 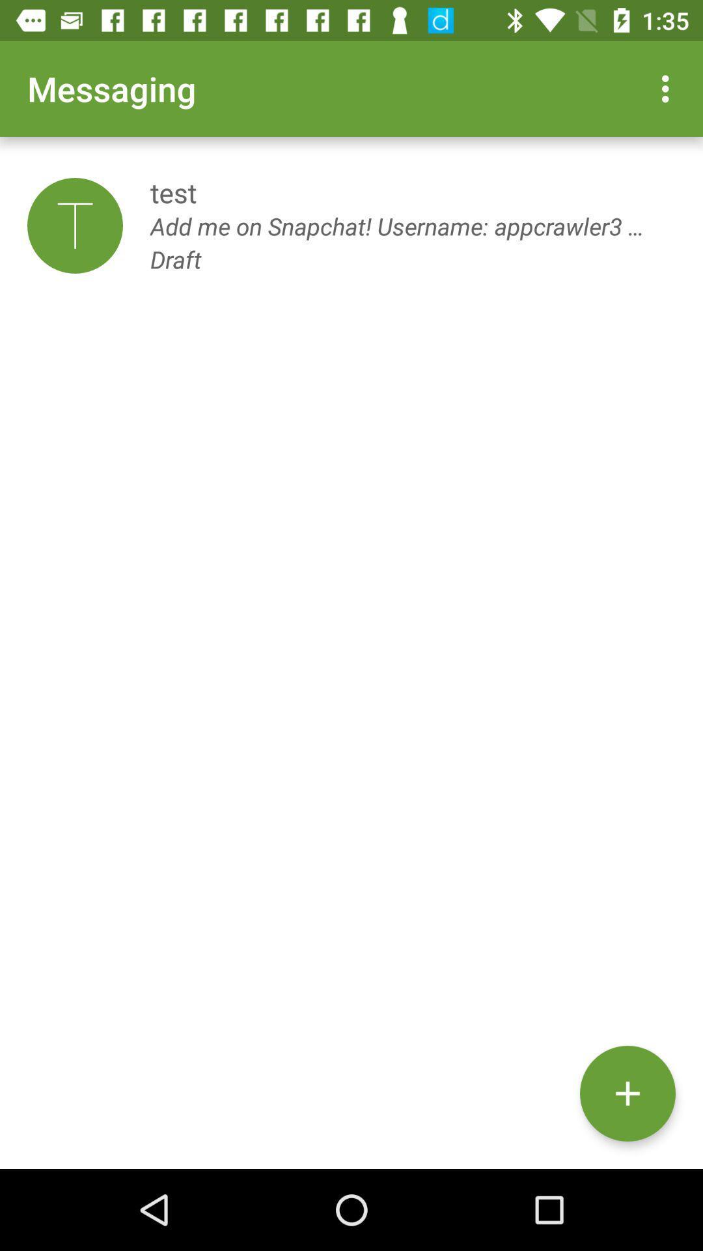 I want to click on icon at the top right corner, so click(x=669, y=88).